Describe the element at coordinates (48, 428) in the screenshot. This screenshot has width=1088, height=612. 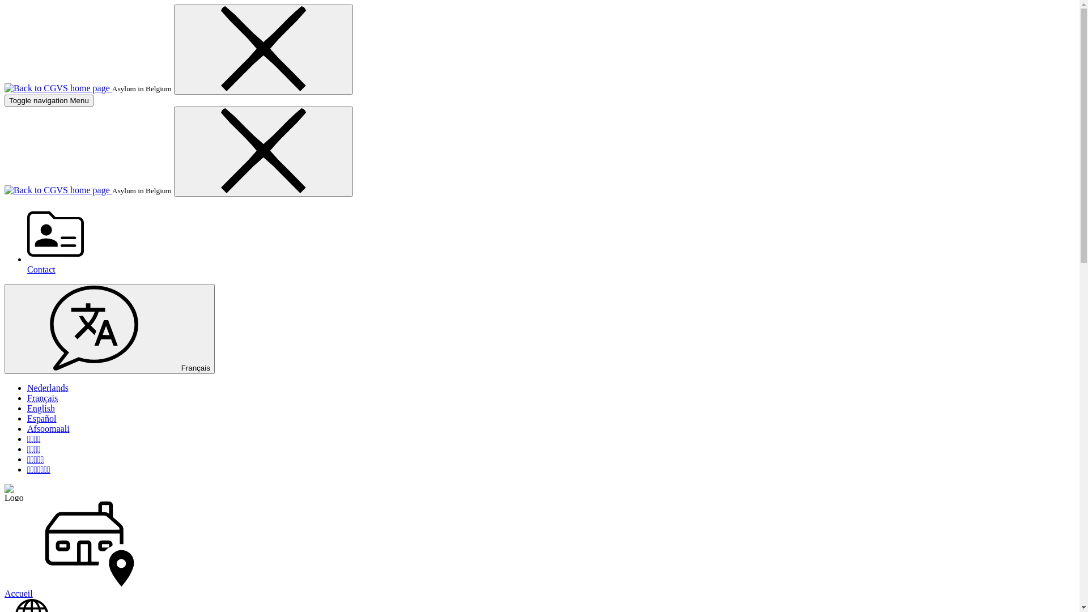
I see `'Afsoomaali'` at that location.